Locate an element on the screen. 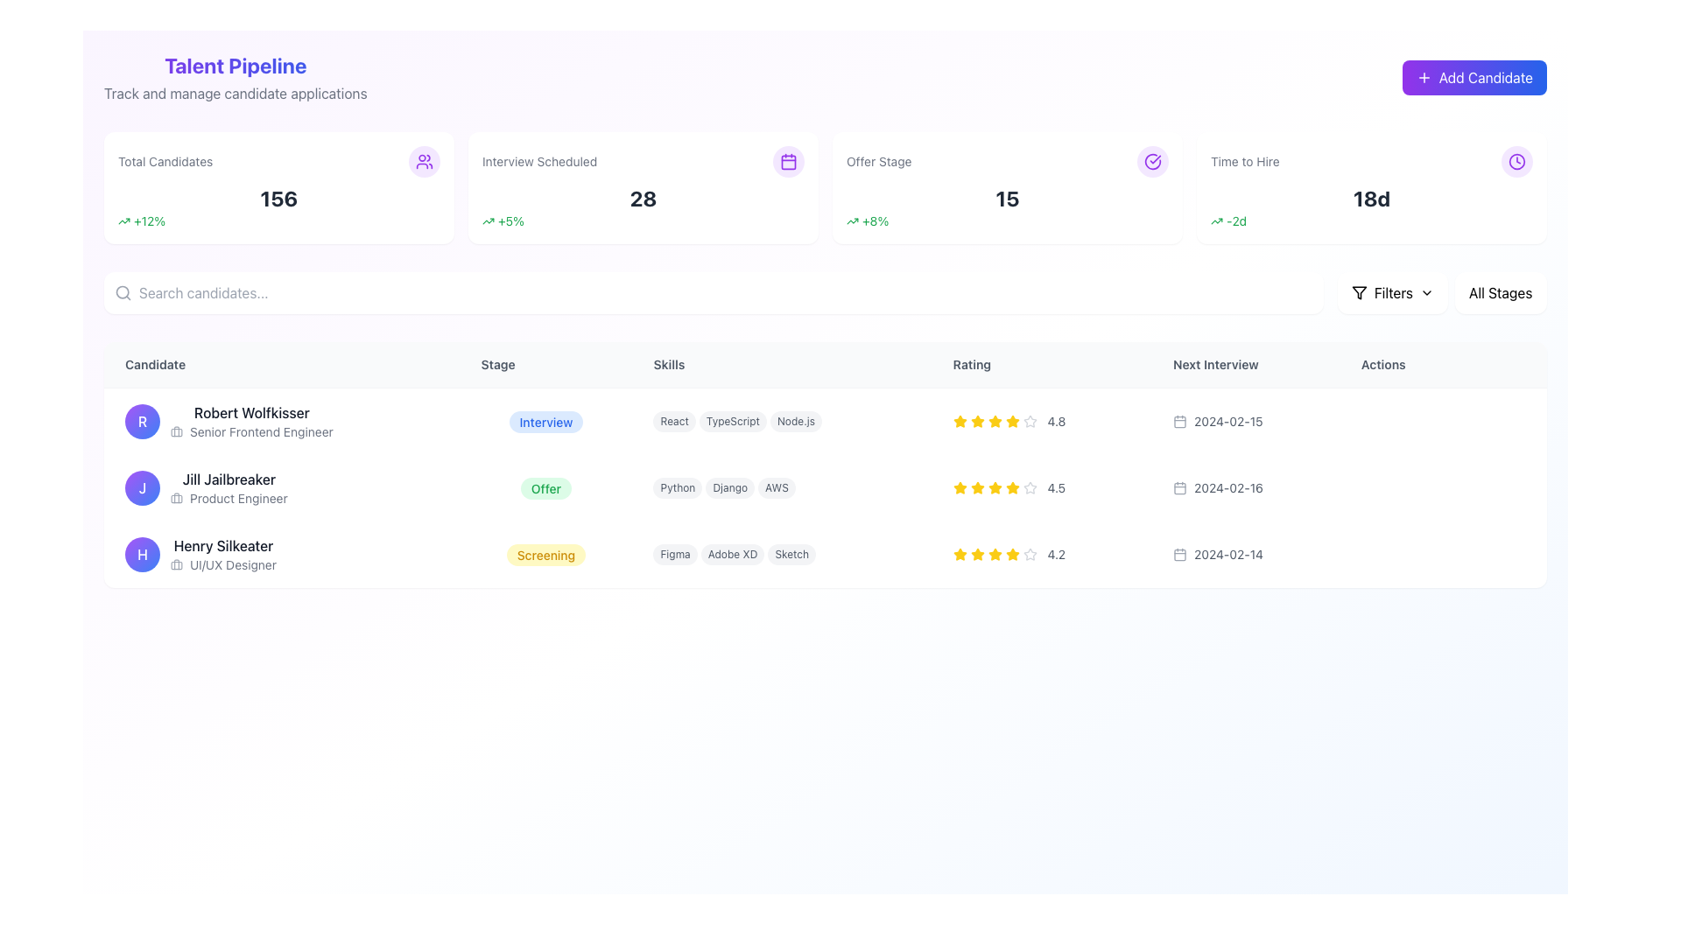 The image size is (1681, 945). the text label displaying 'Interview' with a rounded light blue background, located in the 'Stage' column of the candidate 'Robert Wolfkisser' information row is located at coordinates (545, 421).